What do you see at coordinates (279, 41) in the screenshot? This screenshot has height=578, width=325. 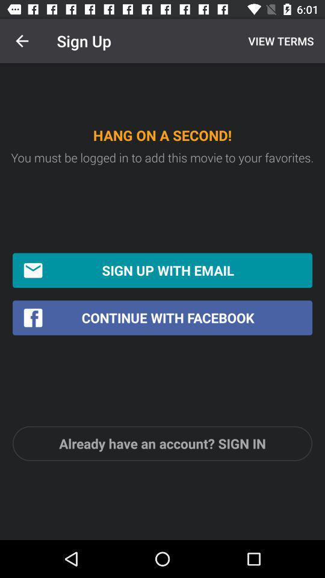 I see `the view terms icon` at bounding box center [279, 41].